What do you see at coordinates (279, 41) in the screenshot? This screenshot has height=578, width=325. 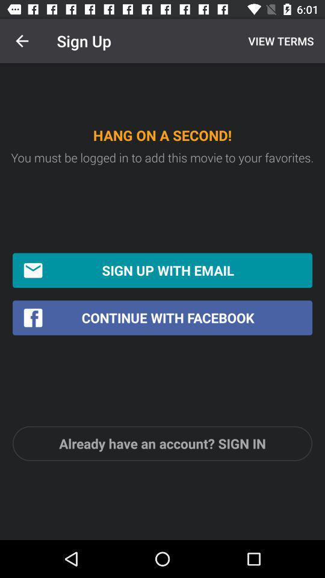 I see `the view terms icon` at bounding box center [279, 41].